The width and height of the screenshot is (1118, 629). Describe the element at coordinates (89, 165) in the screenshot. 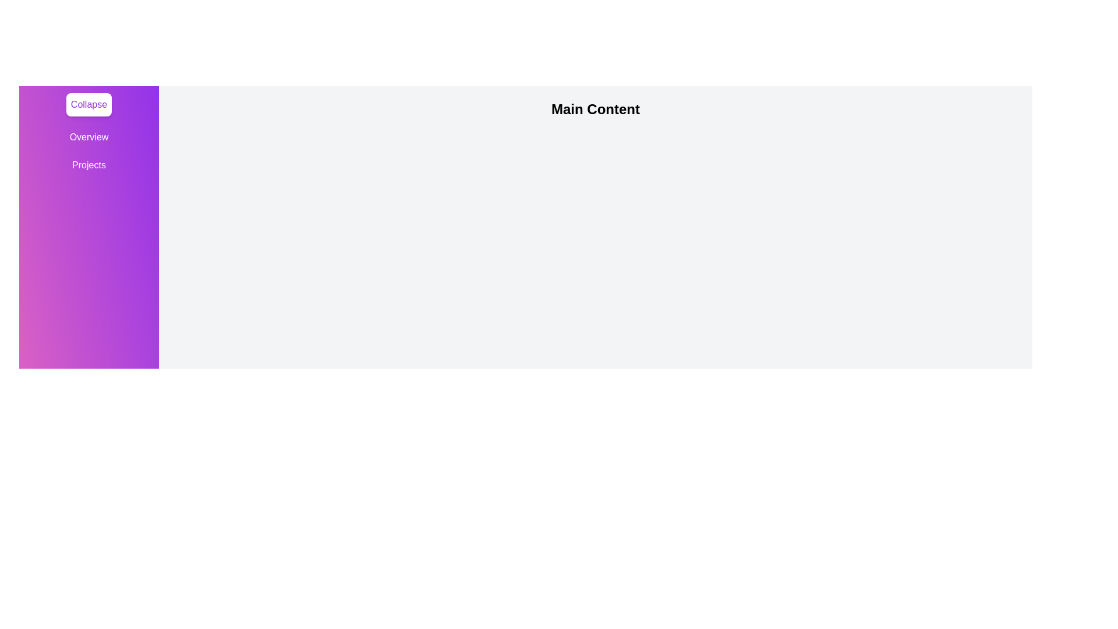

I see `the tab Projects from the drawer` at that location.